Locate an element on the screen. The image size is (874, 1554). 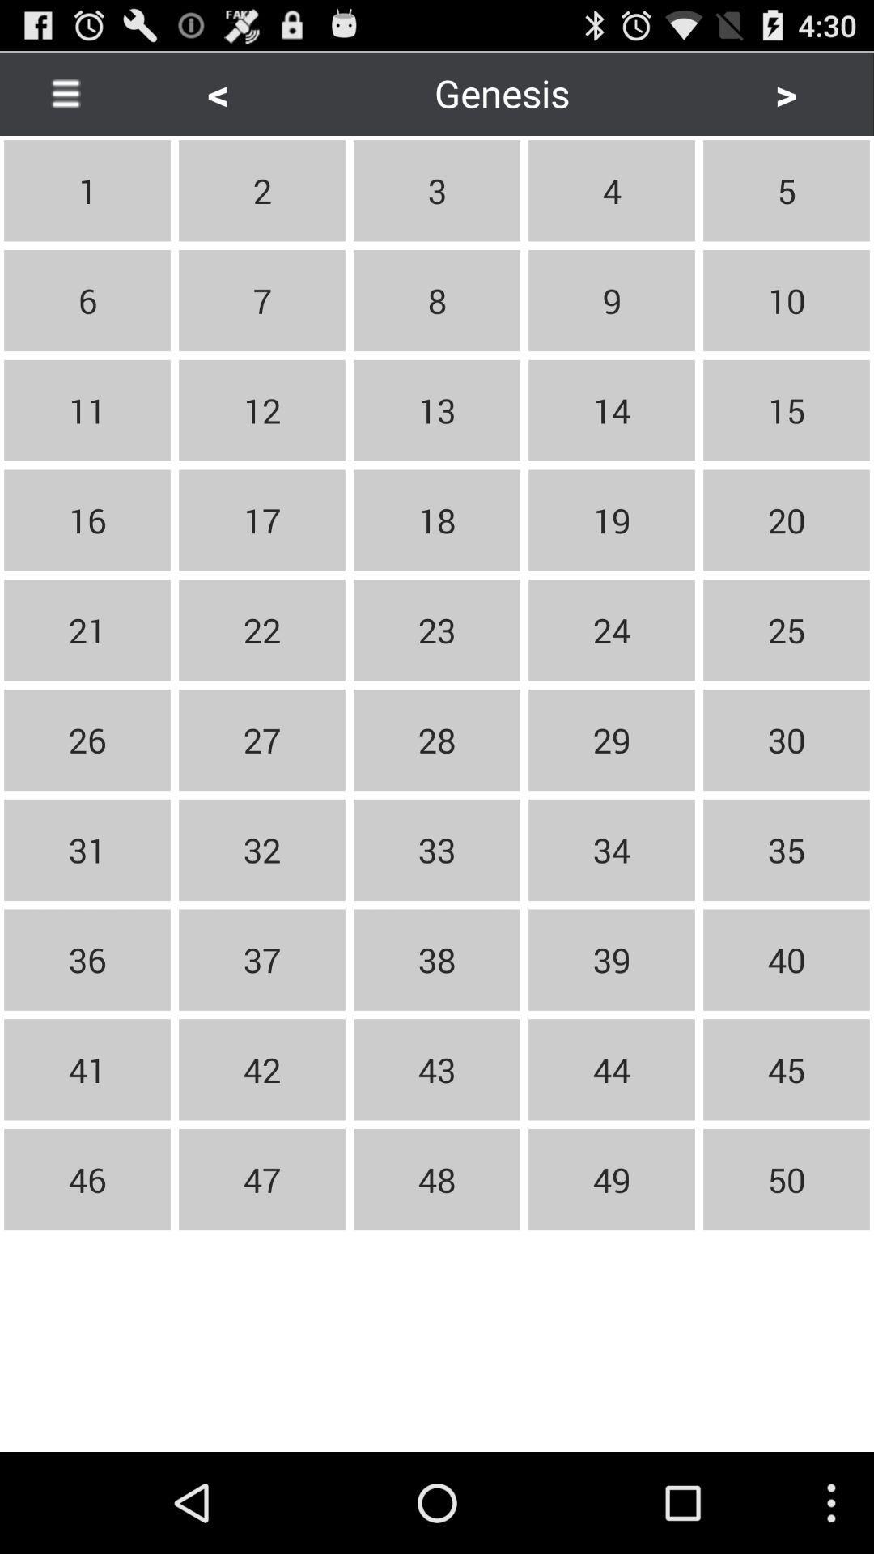
the button next to the < item is located at coordinates (65, 92).